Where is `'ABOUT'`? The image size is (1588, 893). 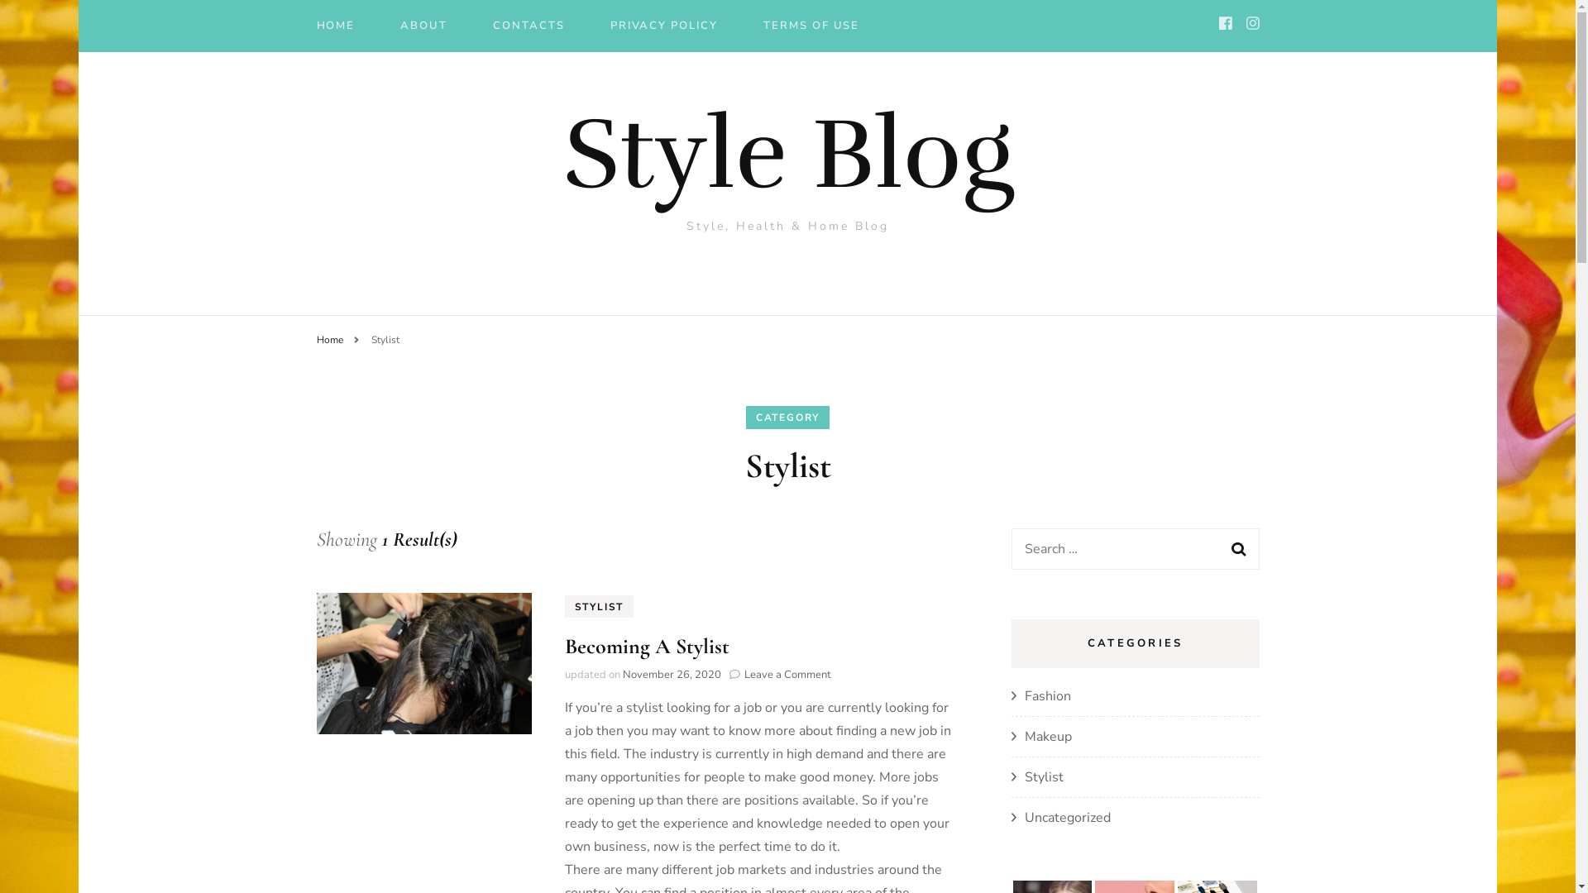 'ABOUT' is located at coordinates (400, 27).